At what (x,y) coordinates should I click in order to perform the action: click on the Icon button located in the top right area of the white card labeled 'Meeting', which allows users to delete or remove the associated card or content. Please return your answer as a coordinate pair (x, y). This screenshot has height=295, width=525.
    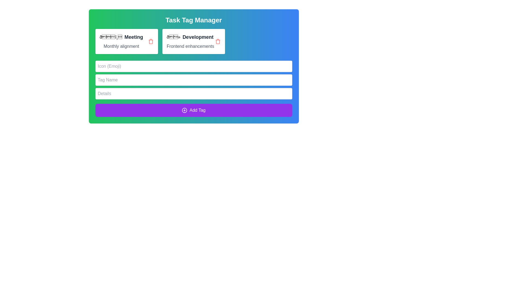
    Looking at the image, I should click on (151, 41).